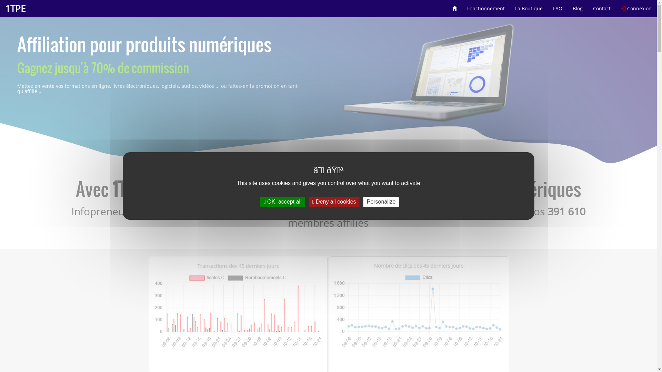 The image size is (662, 372). Describe the element at coordinates (558, 6) in the screenshot. I see `'FAQ'` at that location.